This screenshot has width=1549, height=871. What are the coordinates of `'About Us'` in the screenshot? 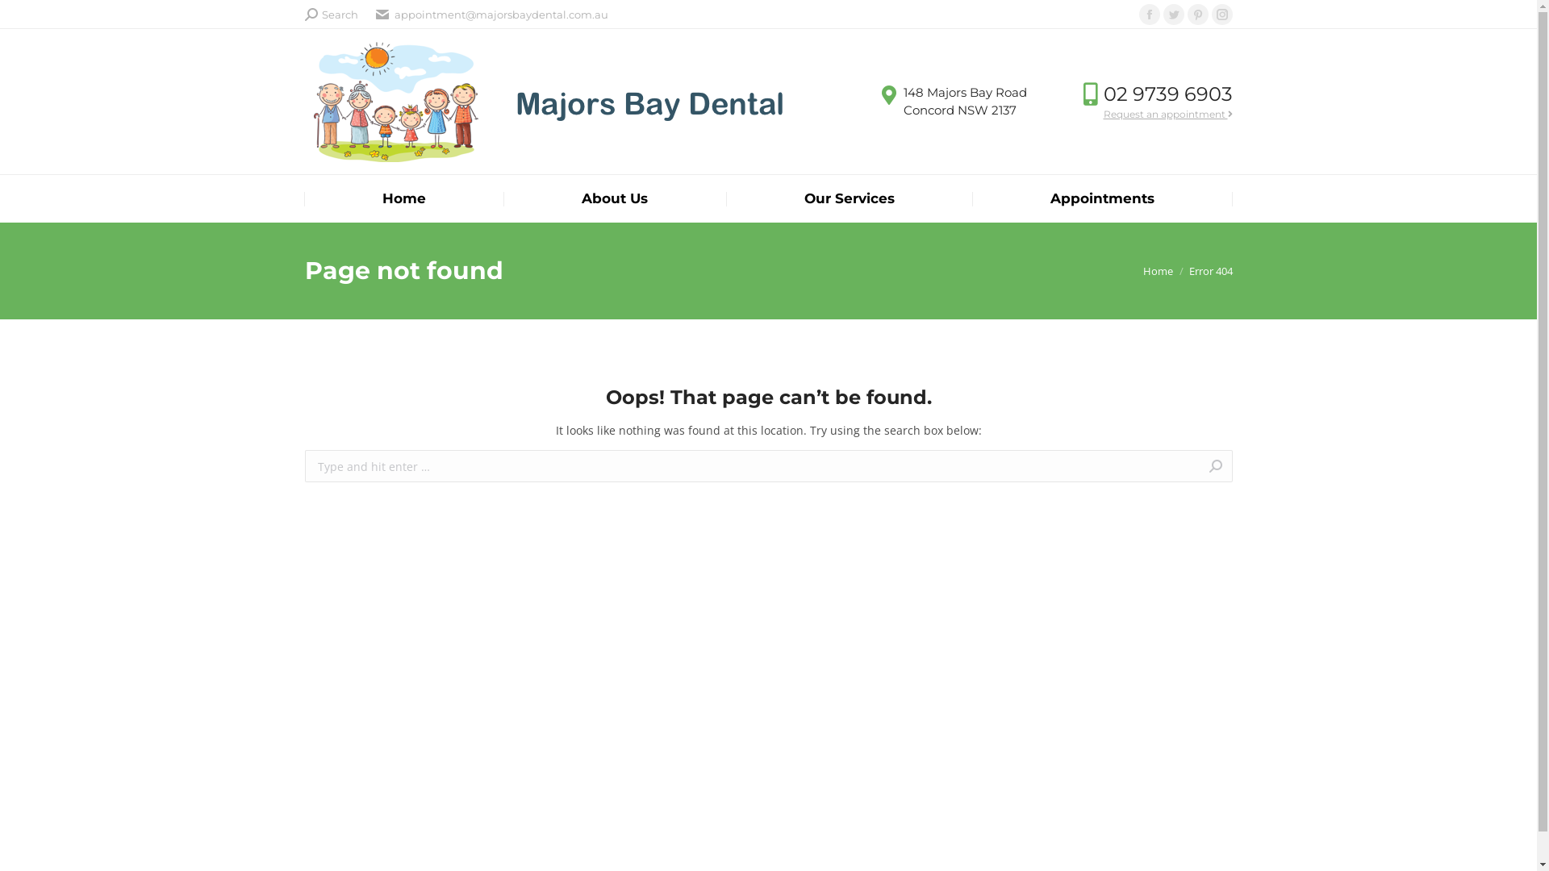 It's located at (614, 198).